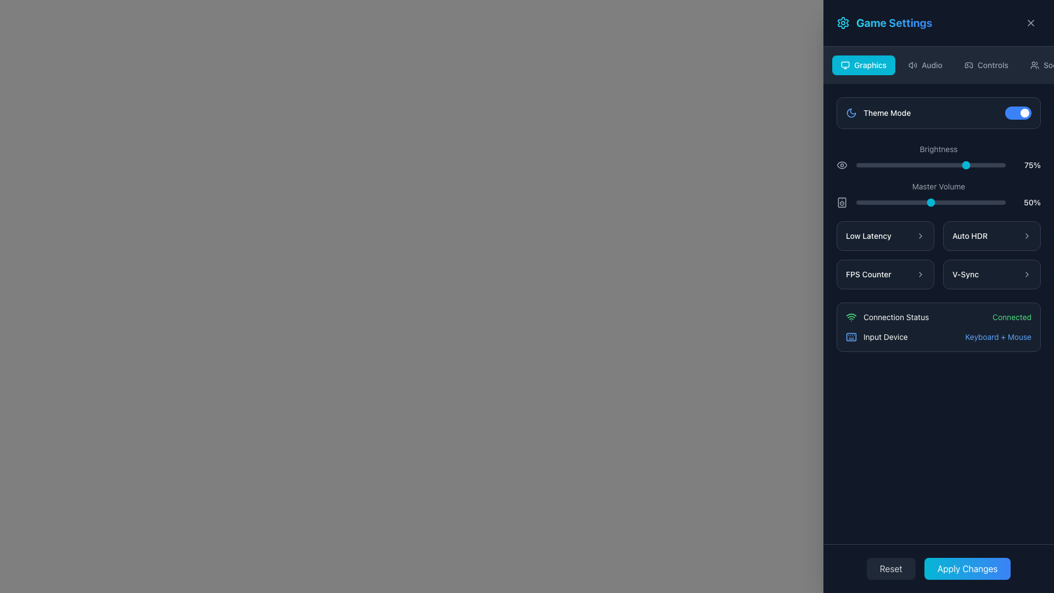 Image resolution: width=1054 pixels, height=593 pixels. Describe the element at coordinates (884, 203) in the screenshot. I see `the master volume` at that location.